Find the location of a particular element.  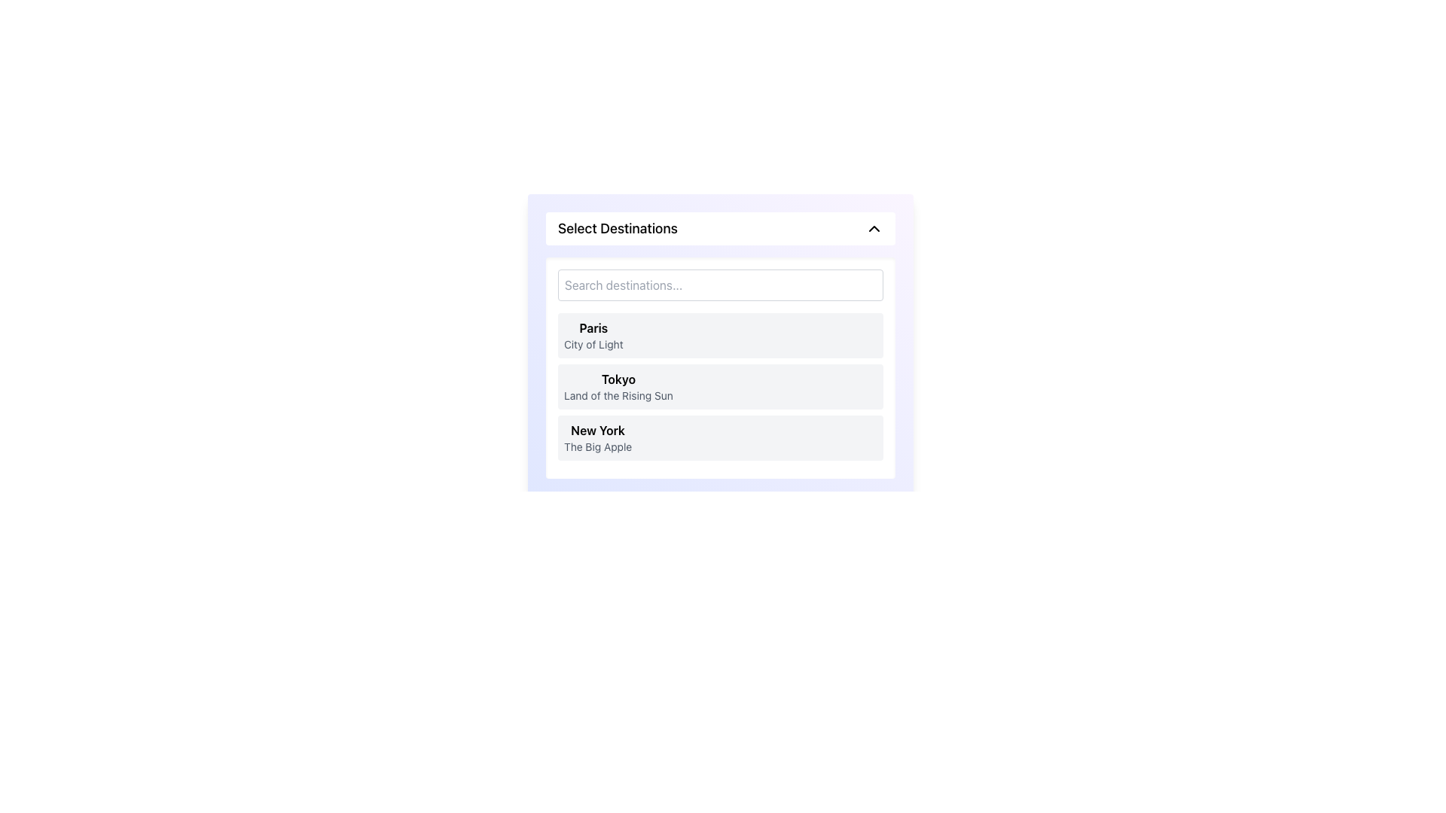

the second item in the dropdown list that allows the user to select 'Tokyo' as a destination is located at coordinates (719, 368).